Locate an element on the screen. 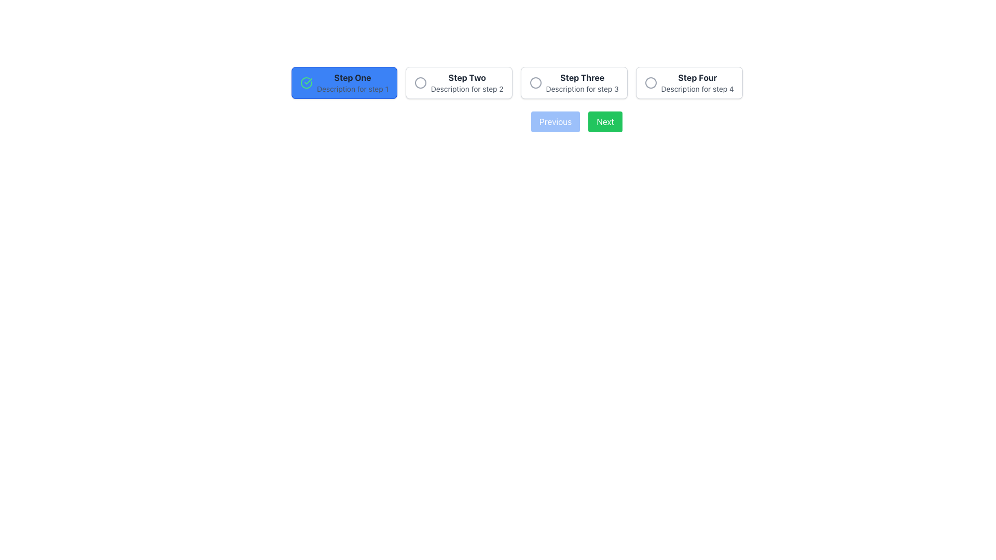 The height and width of the screenshot is (560, 996). the leftmost navigation button located at the bottom of the interface is located at coordinates (555, 121).